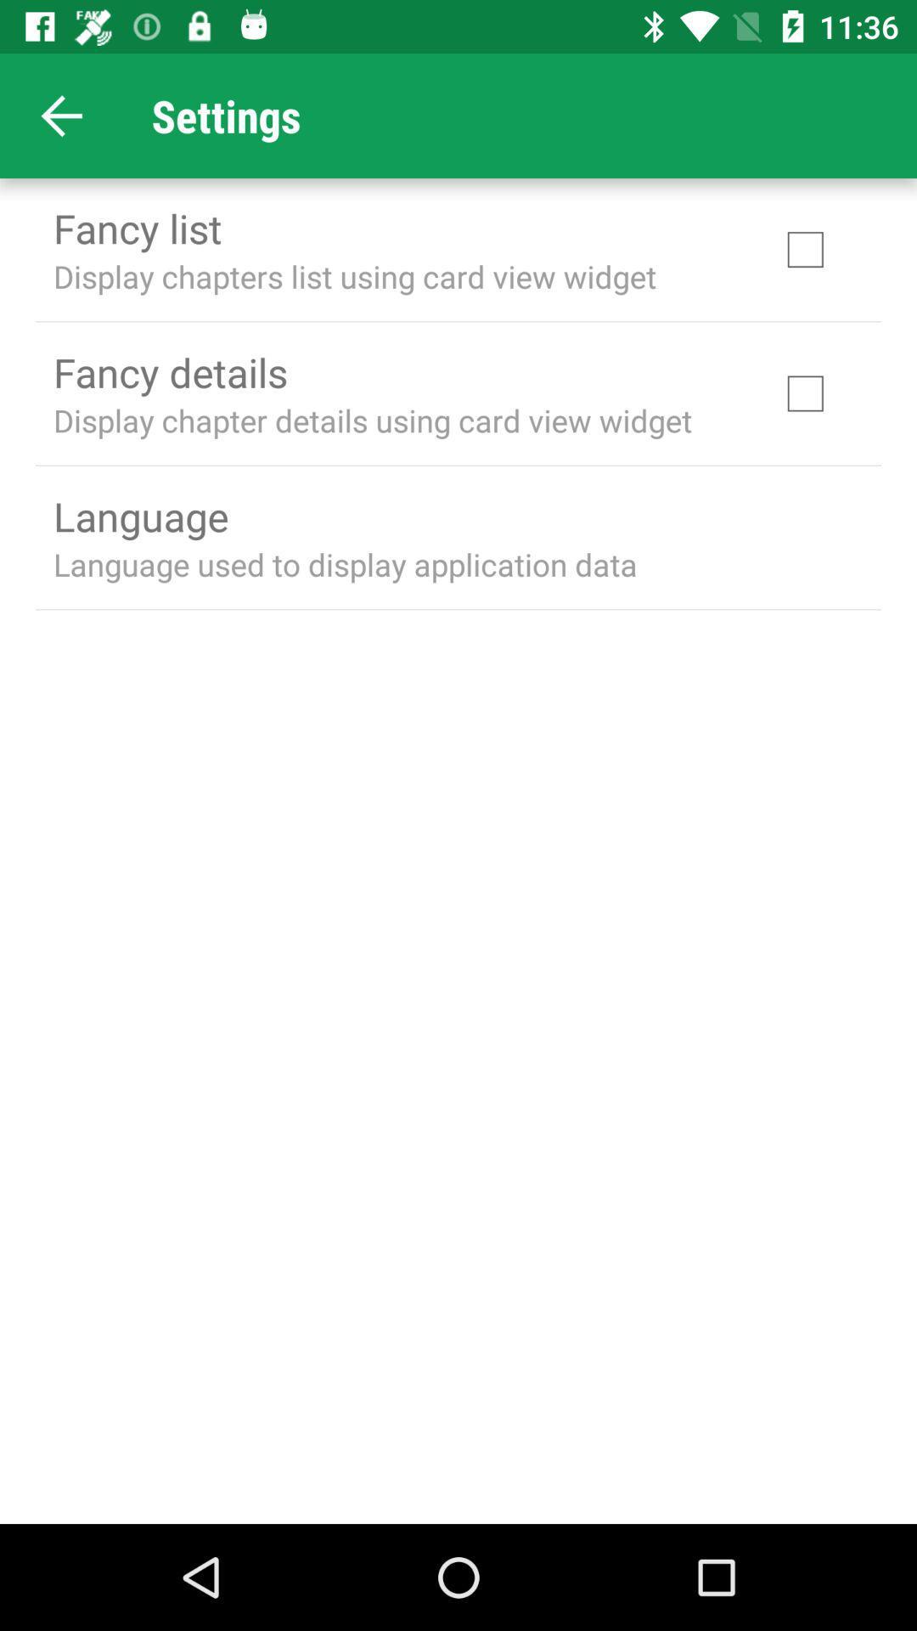 The width and height of the screenshot is (917, 1631). Describe the element at coordinates (61, 115) in the screenshot. I see `come back` at that location.